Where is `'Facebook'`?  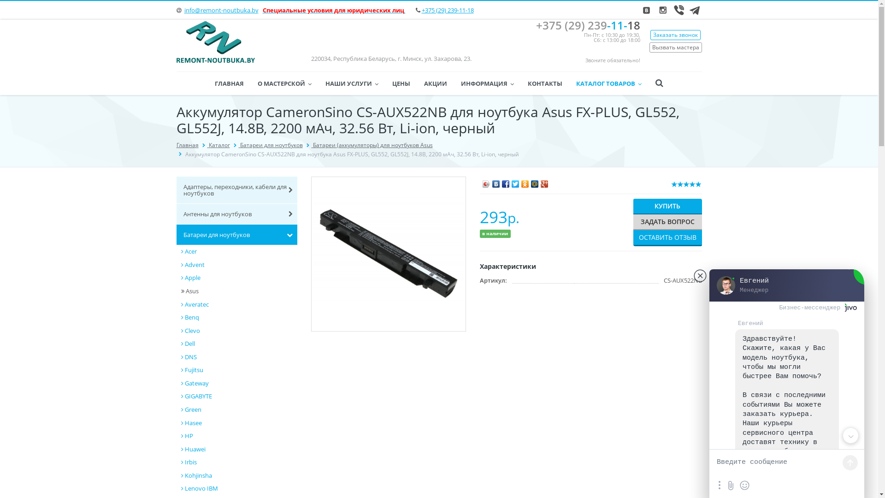
'Facebook' is located at coordinates (500, 181).